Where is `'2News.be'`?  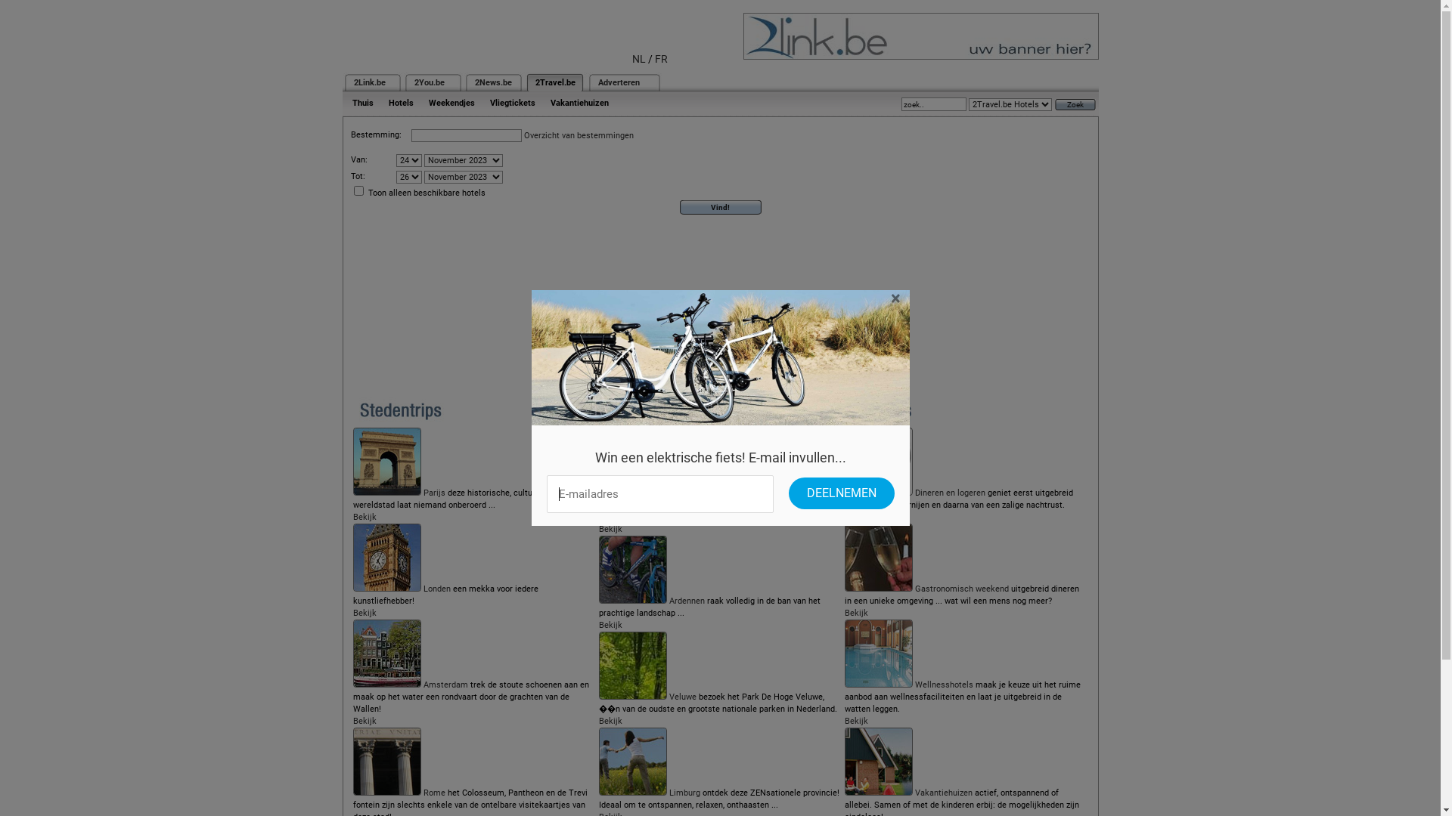 '2News.be' is located at coordinates (493, 82).